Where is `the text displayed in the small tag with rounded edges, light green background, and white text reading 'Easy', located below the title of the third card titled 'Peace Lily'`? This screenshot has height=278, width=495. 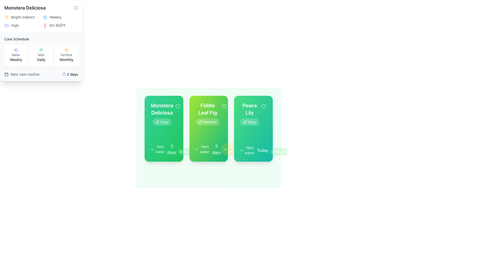 the text displayed in the small tag with rounded edges, light green background, and white text reading 'Easy', located below the title of the third card titled 'Peace Lily' is located at coordinates (250, 122).